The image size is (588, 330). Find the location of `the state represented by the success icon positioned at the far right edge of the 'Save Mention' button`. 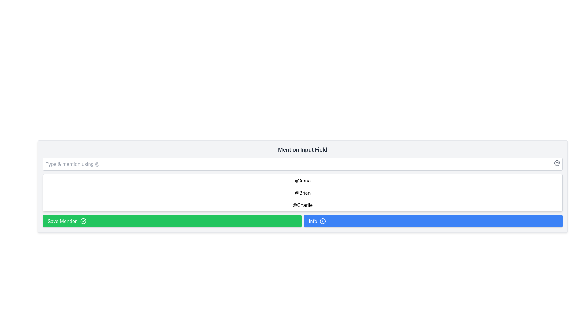

the state represented by the success icon positioned at the far right edge of the 'Save Mention' button is located at coordinates (83, 221).